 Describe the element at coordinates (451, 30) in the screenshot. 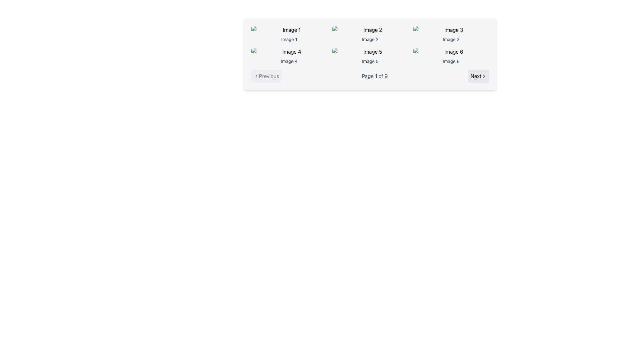

I see `the image placeholder represented by a broken image icon with the alternative text 'Image 3' located in the top-right area of the 3x2 grid layout` at that location.